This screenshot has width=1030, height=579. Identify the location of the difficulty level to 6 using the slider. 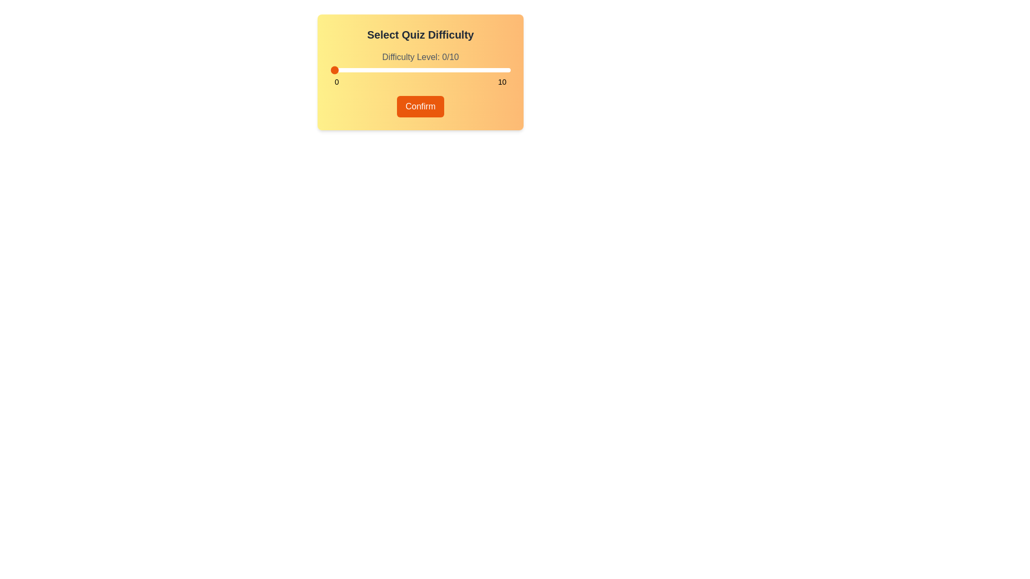
(438, 70).